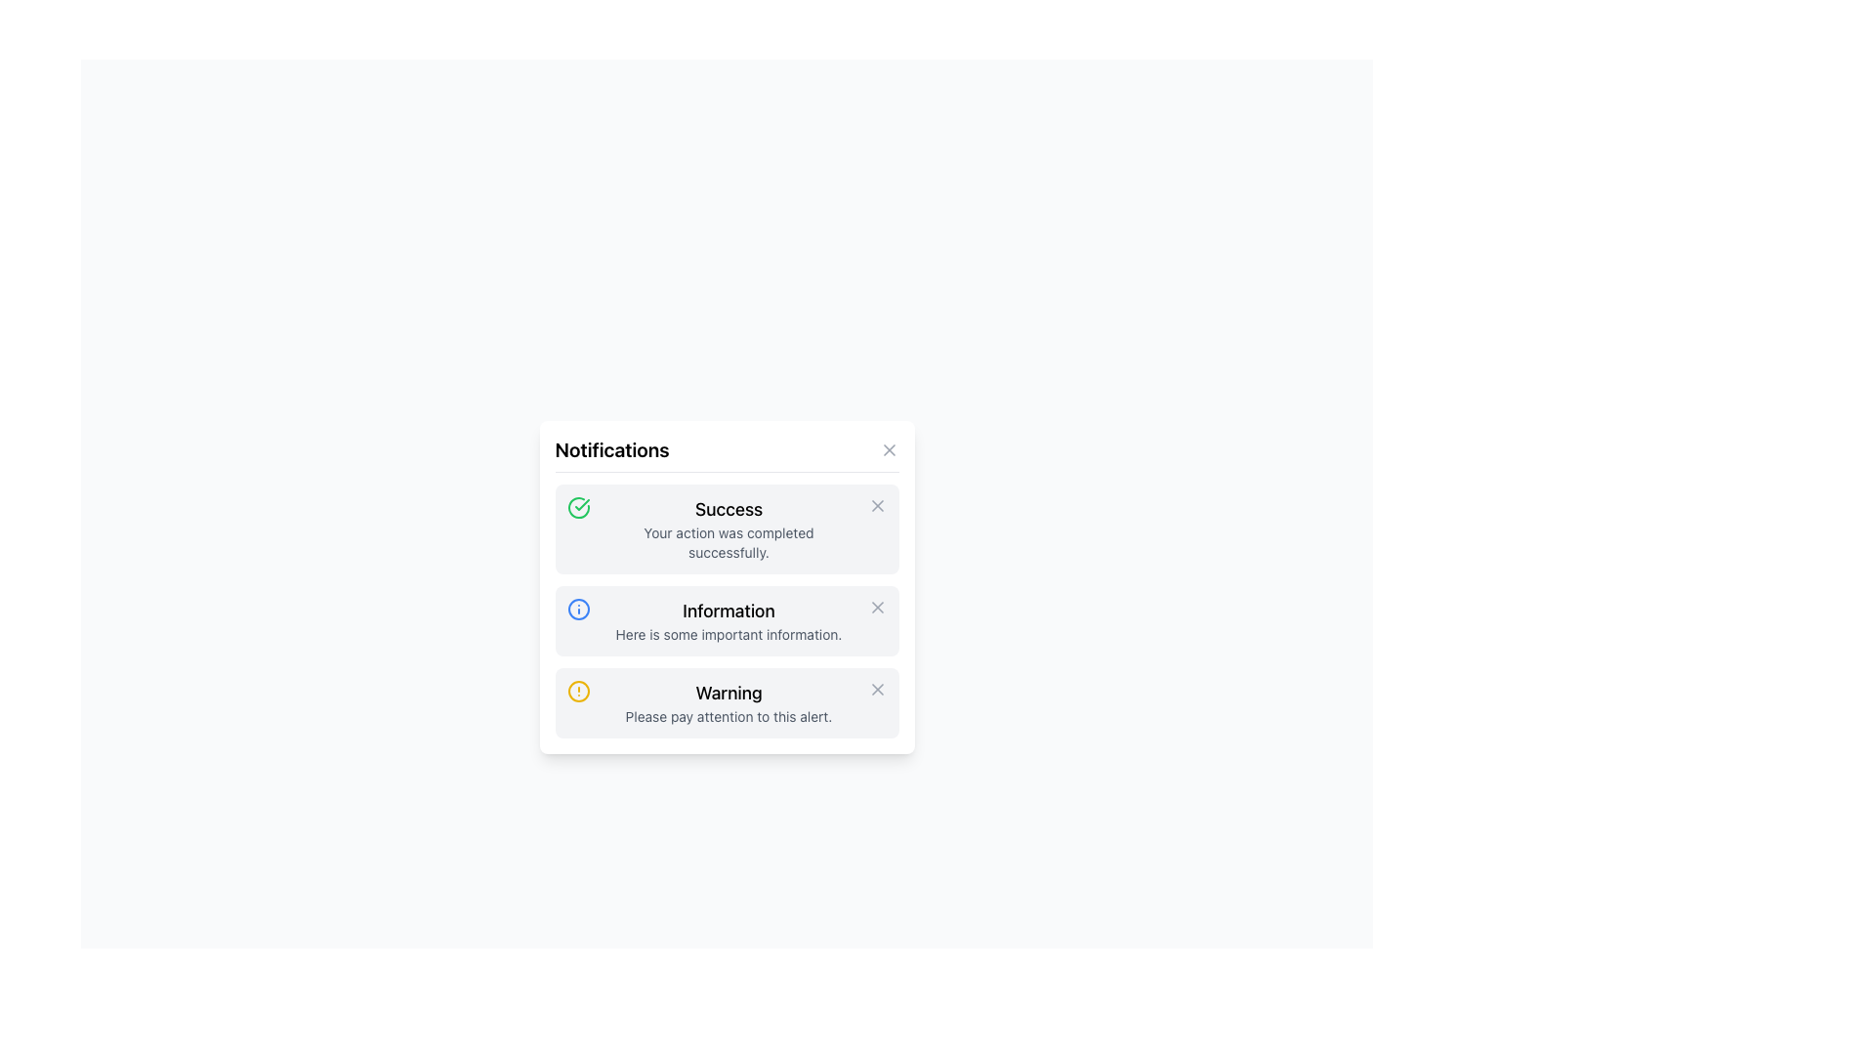 The height and width of the screenshot is (1055, 1875). I want to click on the informational icon on the left side of the notification labeled 'Information' within the blue-themed notification card in the 'Notifications' panel, so click(577, 608).